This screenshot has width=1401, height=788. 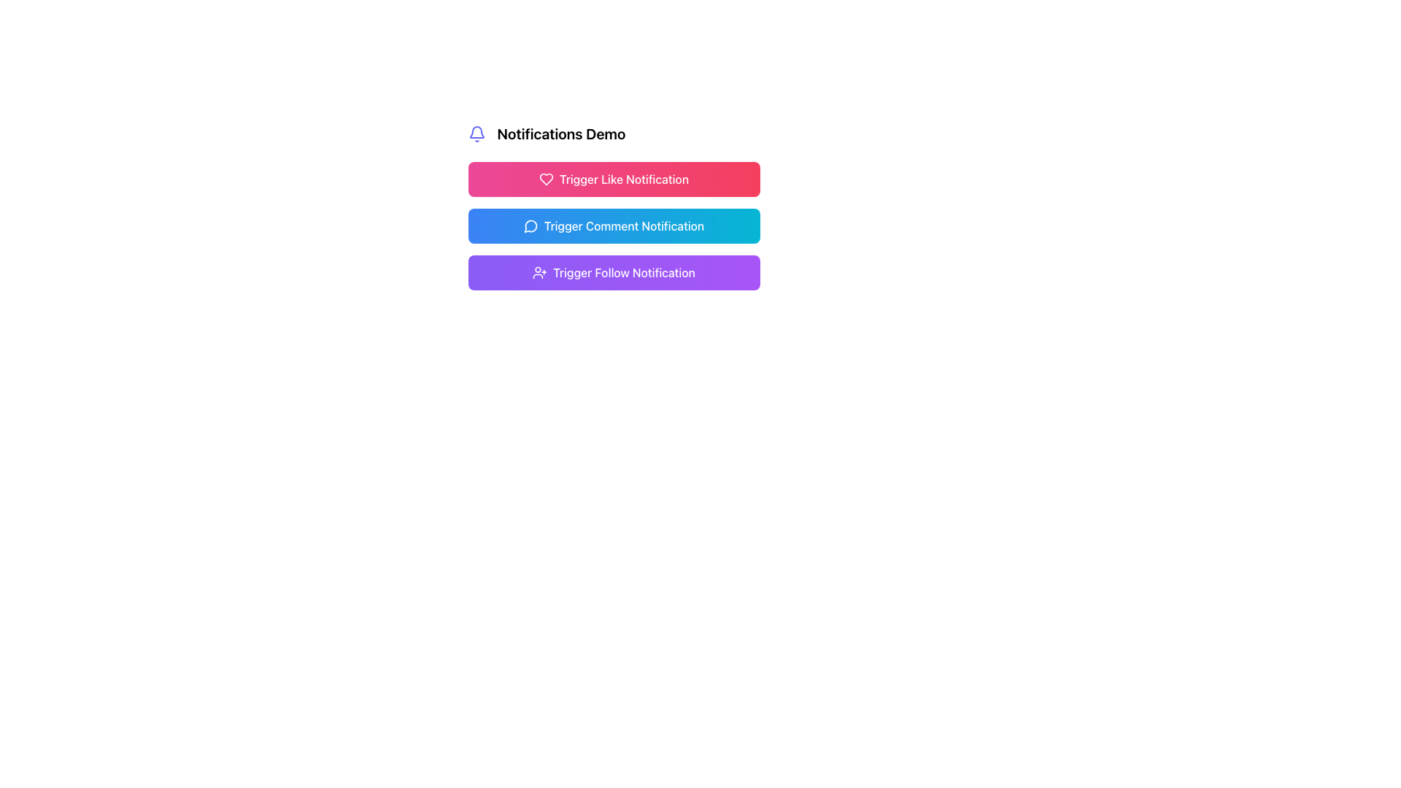 I want to click on the 'Trigger Comment Notification' button, which is a rectangular button with a gradient background and a chat bubble icon, positioned below the 'Trigger Like Notification' button, so click(x=614, y=207).